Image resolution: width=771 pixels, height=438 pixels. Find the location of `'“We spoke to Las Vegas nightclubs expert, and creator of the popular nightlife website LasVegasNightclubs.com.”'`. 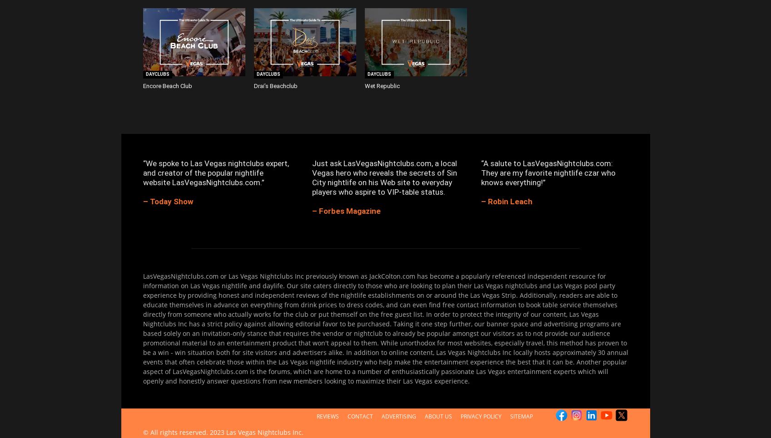

'“We spoke to Las Vegas nightclubs expert, and creator of the popular nightlife website LasVegasNightclubs.com.”' is located at coordinates (142, 172).